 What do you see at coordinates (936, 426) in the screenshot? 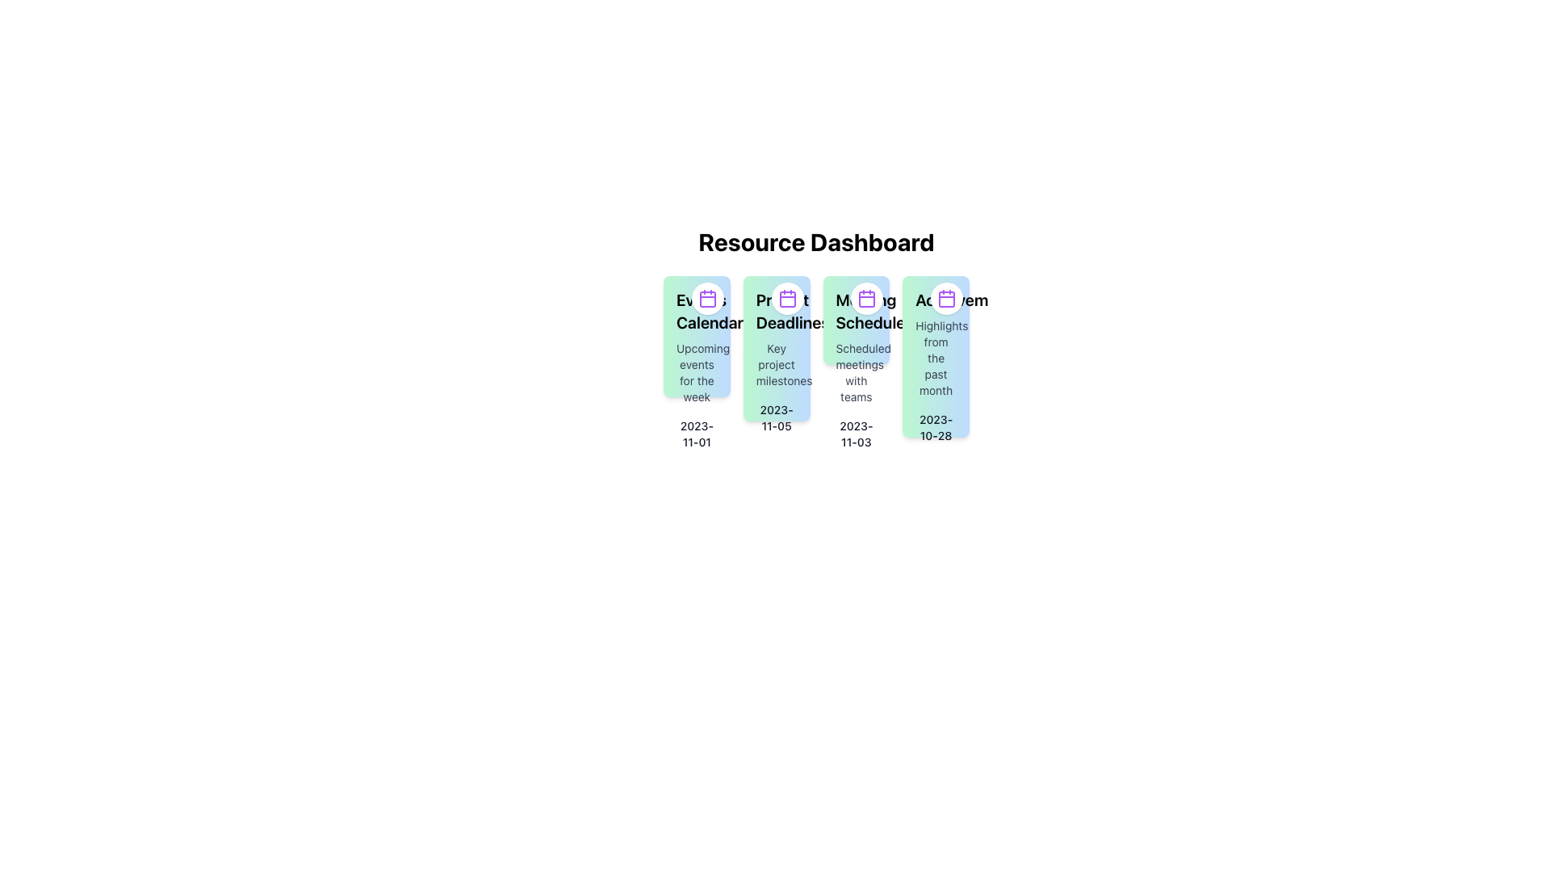
I see `the static text label displaying the date '2023-10-28' located in the fourth card under the 'Highlights from the past month' section of the 'Resource Dashboard'` at bounding box center [936, 426].